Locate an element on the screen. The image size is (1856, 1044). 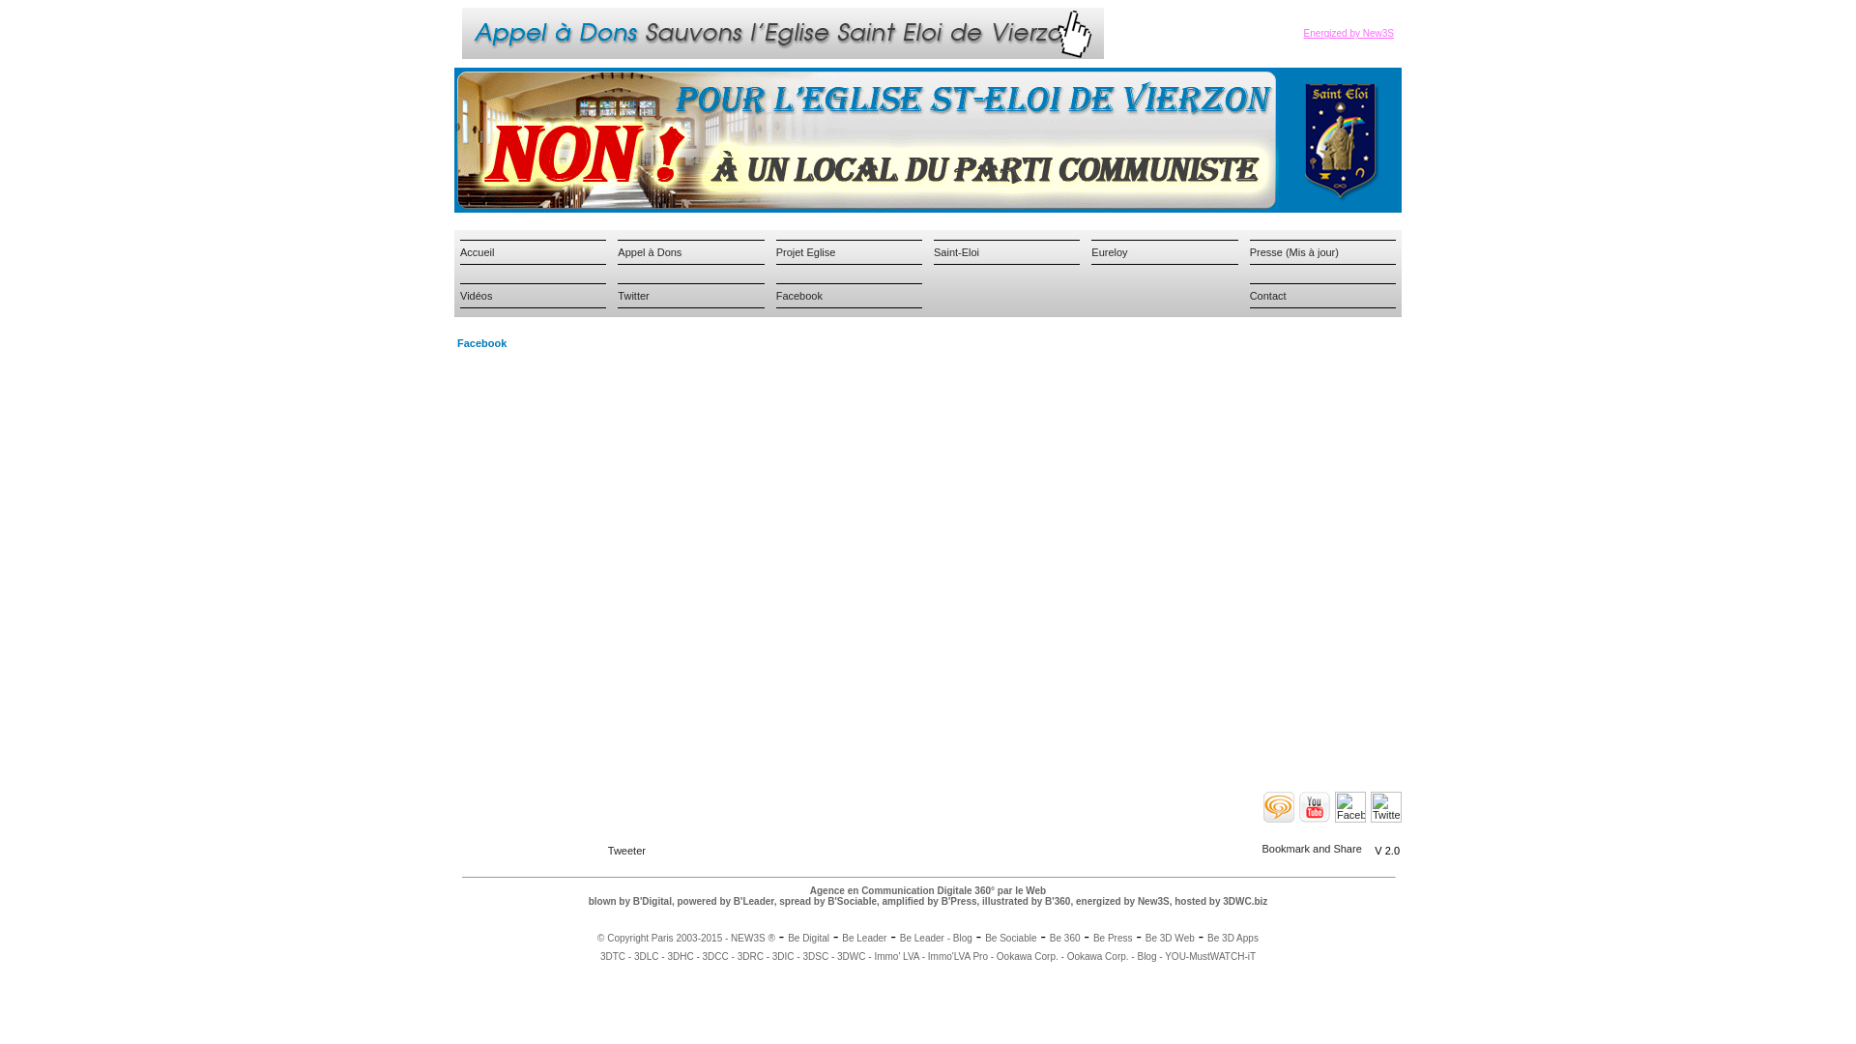
'Twitter' is located at coordinates (1385, 806).